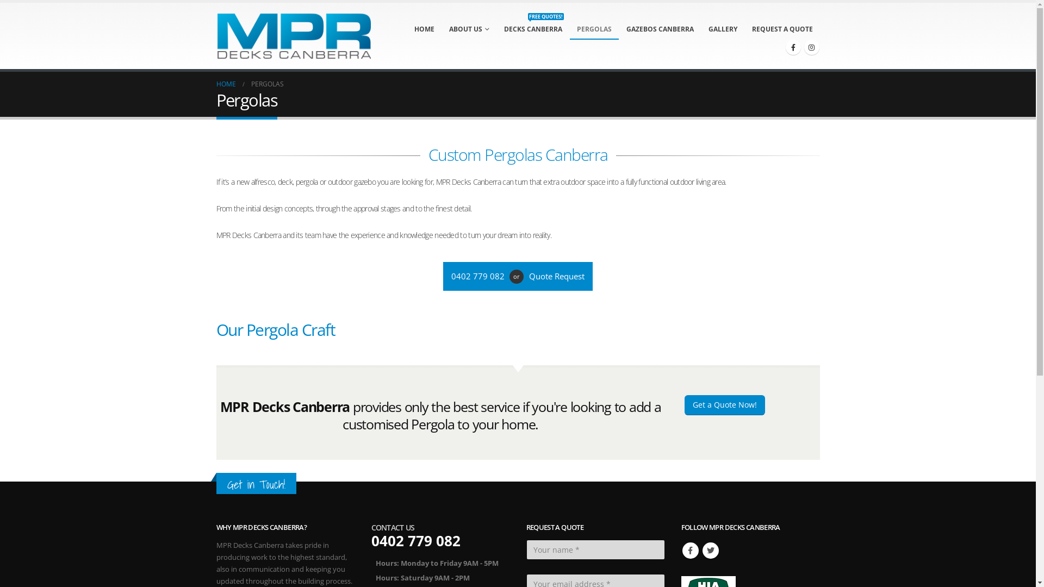 This screenshot has width=1044, height=587. I want to click on 'PERGOLAS', so click(594, 28).